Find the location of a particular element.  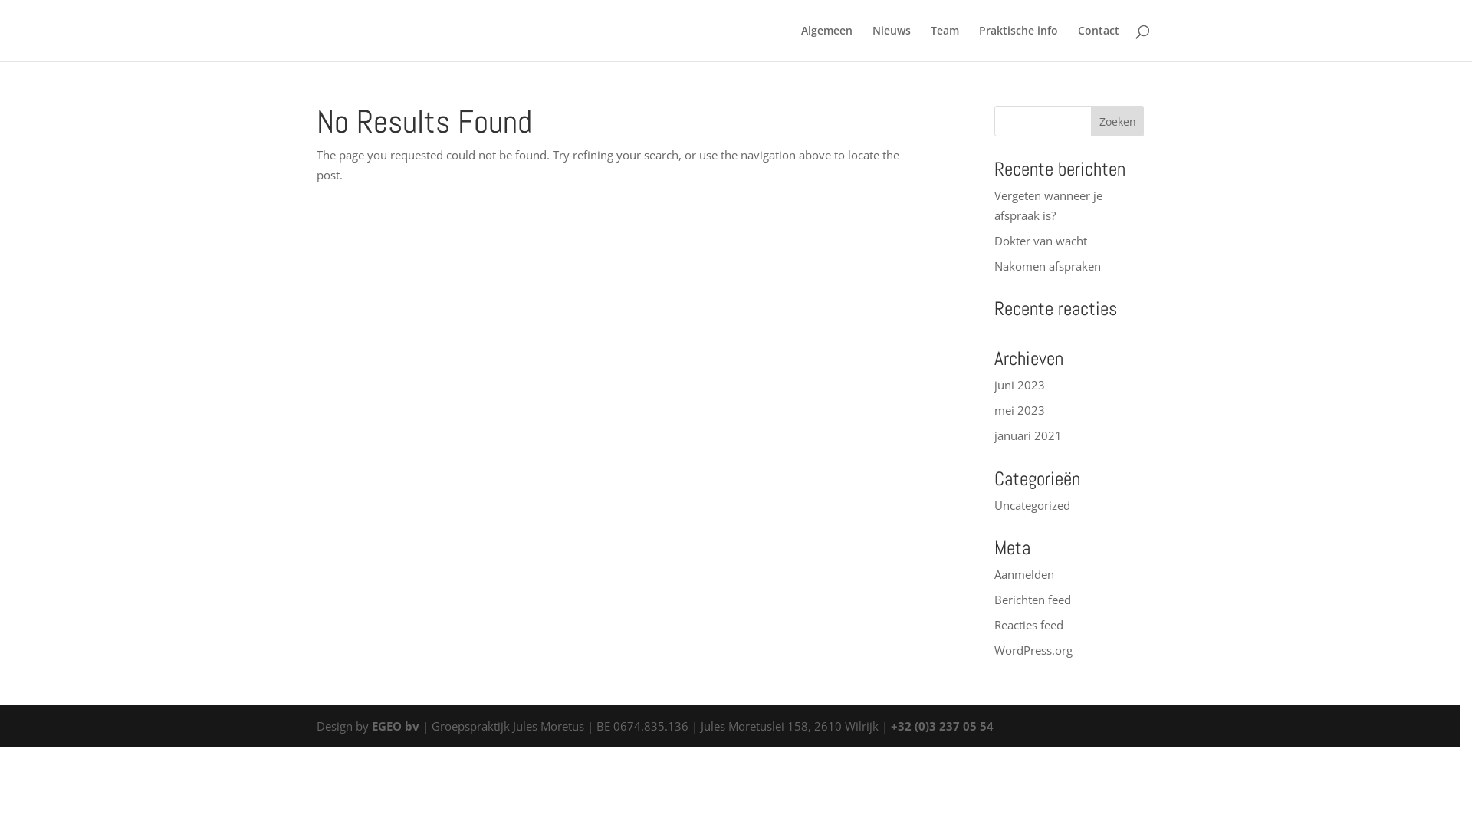

'Algemeen' is located at coordinates (826, 42).